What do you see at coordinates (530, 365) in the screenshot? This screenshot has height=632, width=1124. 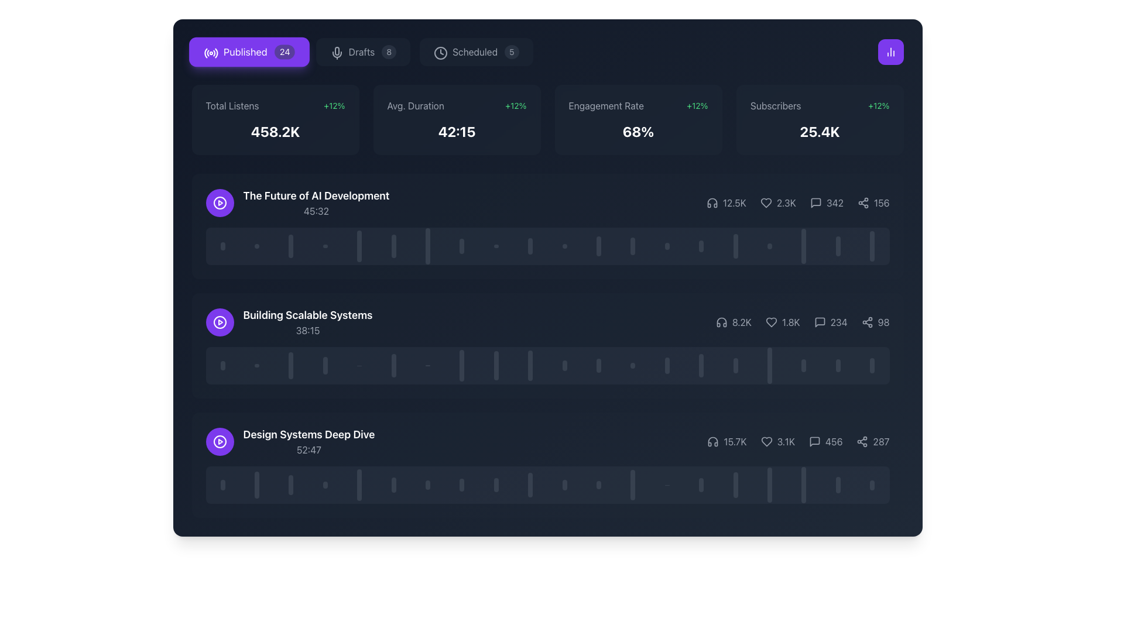 I see `the tenth vertical progress bar in the 'Building Scalable Systems' section, which is styled with a muted dark gray color and has a rounded top and bottom` at bounding box center [530, 365].